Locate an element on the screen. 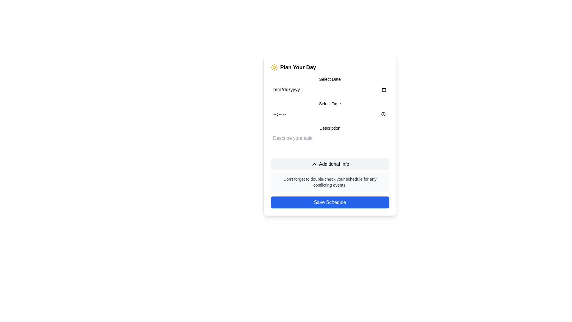 Image resolution: width=572 pixels, height=322 pixels. the static text label within the button that indicates it will reveal additional information, located above the blue 'Save Schedule' button is located at coordinates (334, 164).